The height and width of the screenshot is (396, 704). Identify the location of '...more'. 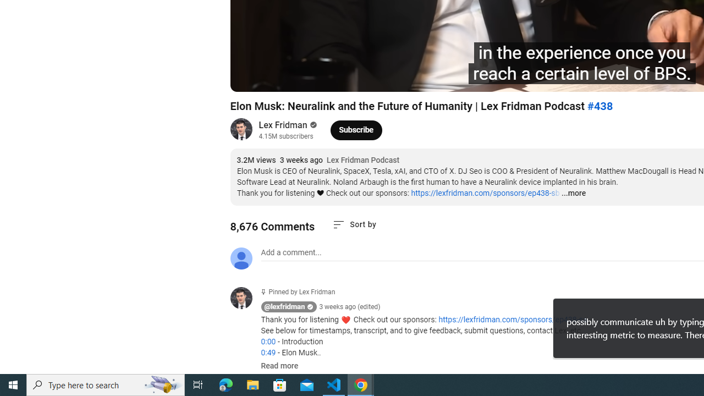
(573, 193).